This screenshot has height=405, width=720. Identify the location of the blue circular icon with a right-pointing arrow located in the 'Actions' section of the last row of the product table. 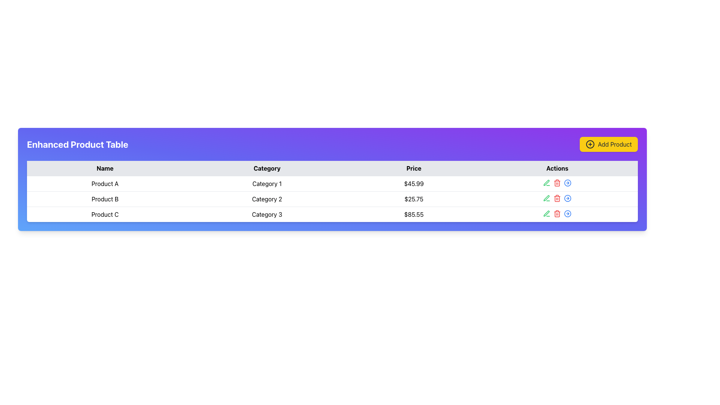
(568, 214).